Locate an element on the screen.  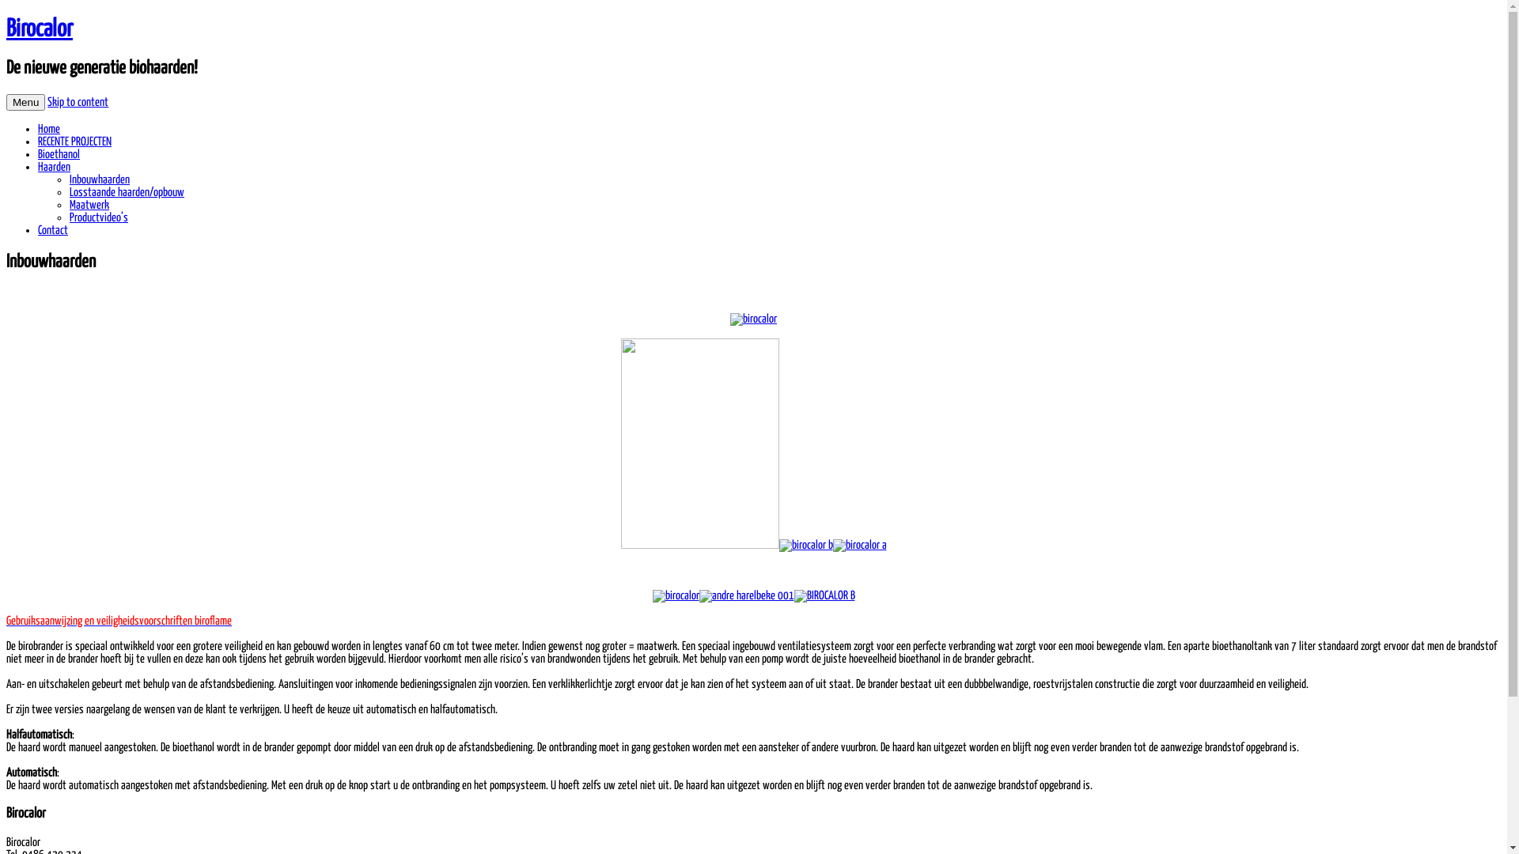
'Maatwerk' is located at coordinates (89, 204).